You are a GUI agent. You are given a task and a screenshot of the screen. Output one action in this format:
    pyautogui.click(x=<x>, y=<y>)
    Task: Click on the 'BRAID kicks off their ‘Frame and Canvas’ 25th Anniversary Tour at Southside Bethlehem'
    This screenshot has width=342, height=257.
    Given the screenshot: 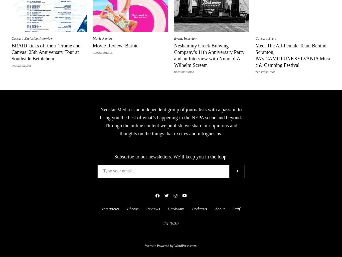 What is the action you would take?
    pyautogui.click(x=11, y=52)
    